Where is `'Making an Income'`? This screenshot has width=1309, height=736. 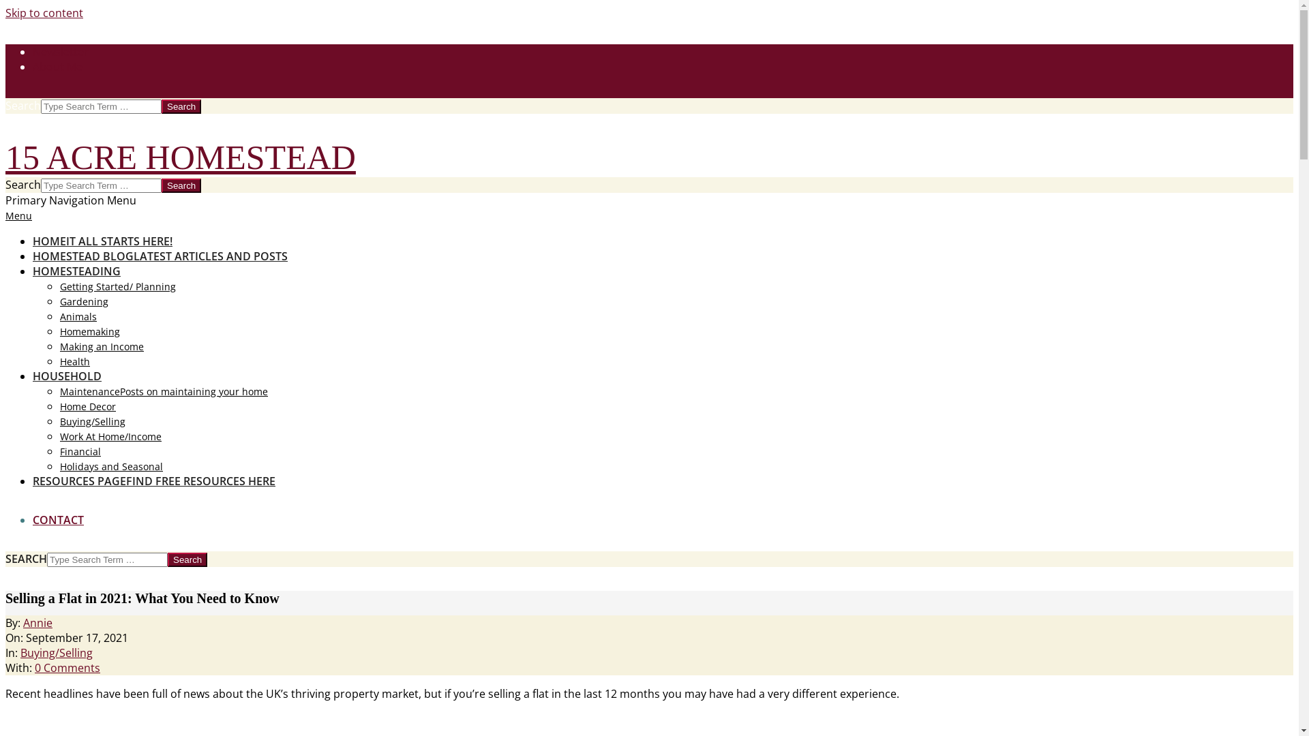
'Making an Income' is located at coordinates (101, 346).